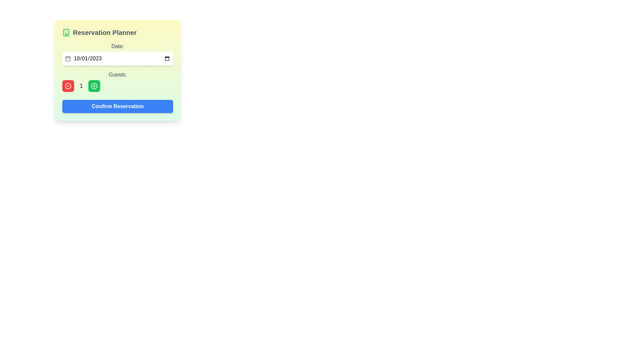 The image size is (633, 356). What do you see at coordinates (68, 58) in the screenshot?
I see `the calendar icon located at the beginning of the date input field in the 'Reservation Planner' card` at bounding box center [68, 58].